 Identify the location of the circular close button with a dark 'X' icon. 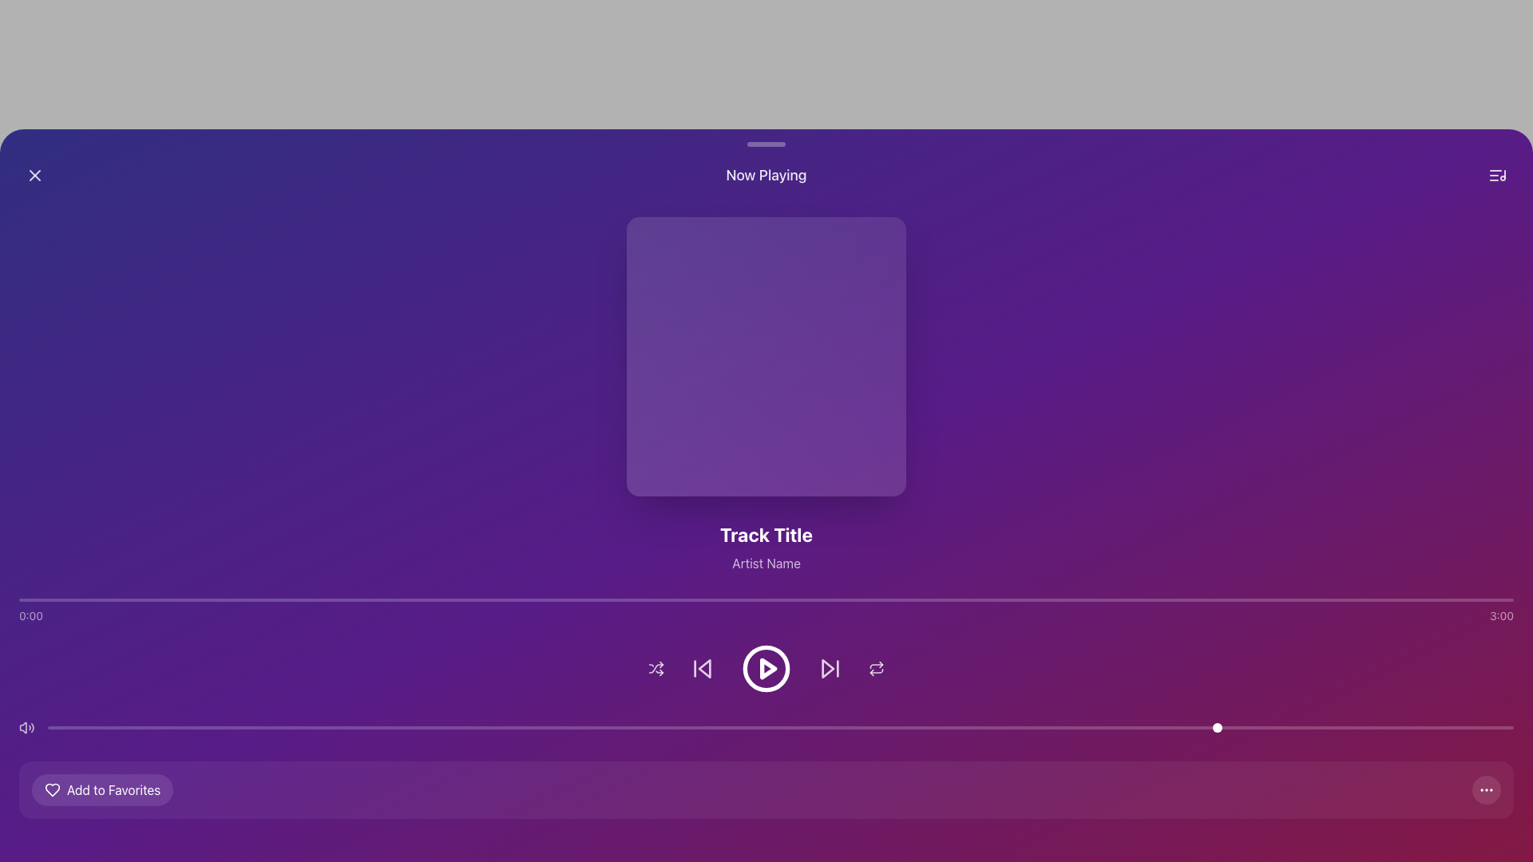
(34, 175).